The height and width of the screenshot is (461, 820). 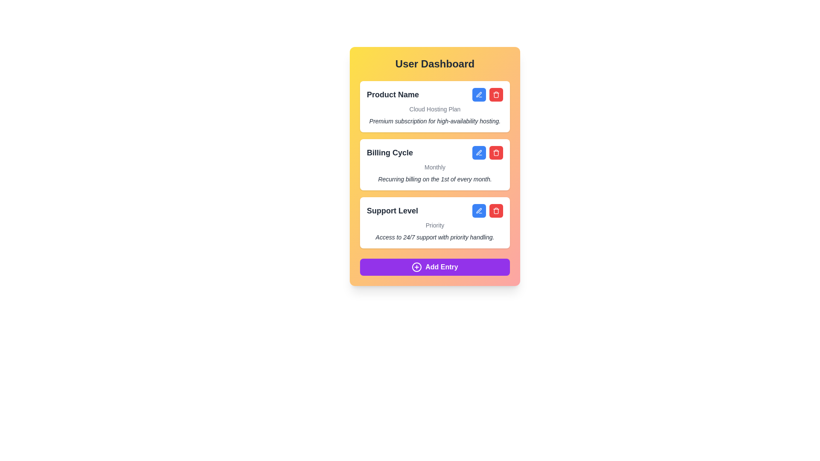 What do you see at coordinates (392, 210) in the screenshot?
I see `the text label or heading element that provides context for the support level details, located in the middle section of the user dashboard, positioned above the 'Priority' label and below the 'Billing Cycle' heading` at bounding box center [392, 210].